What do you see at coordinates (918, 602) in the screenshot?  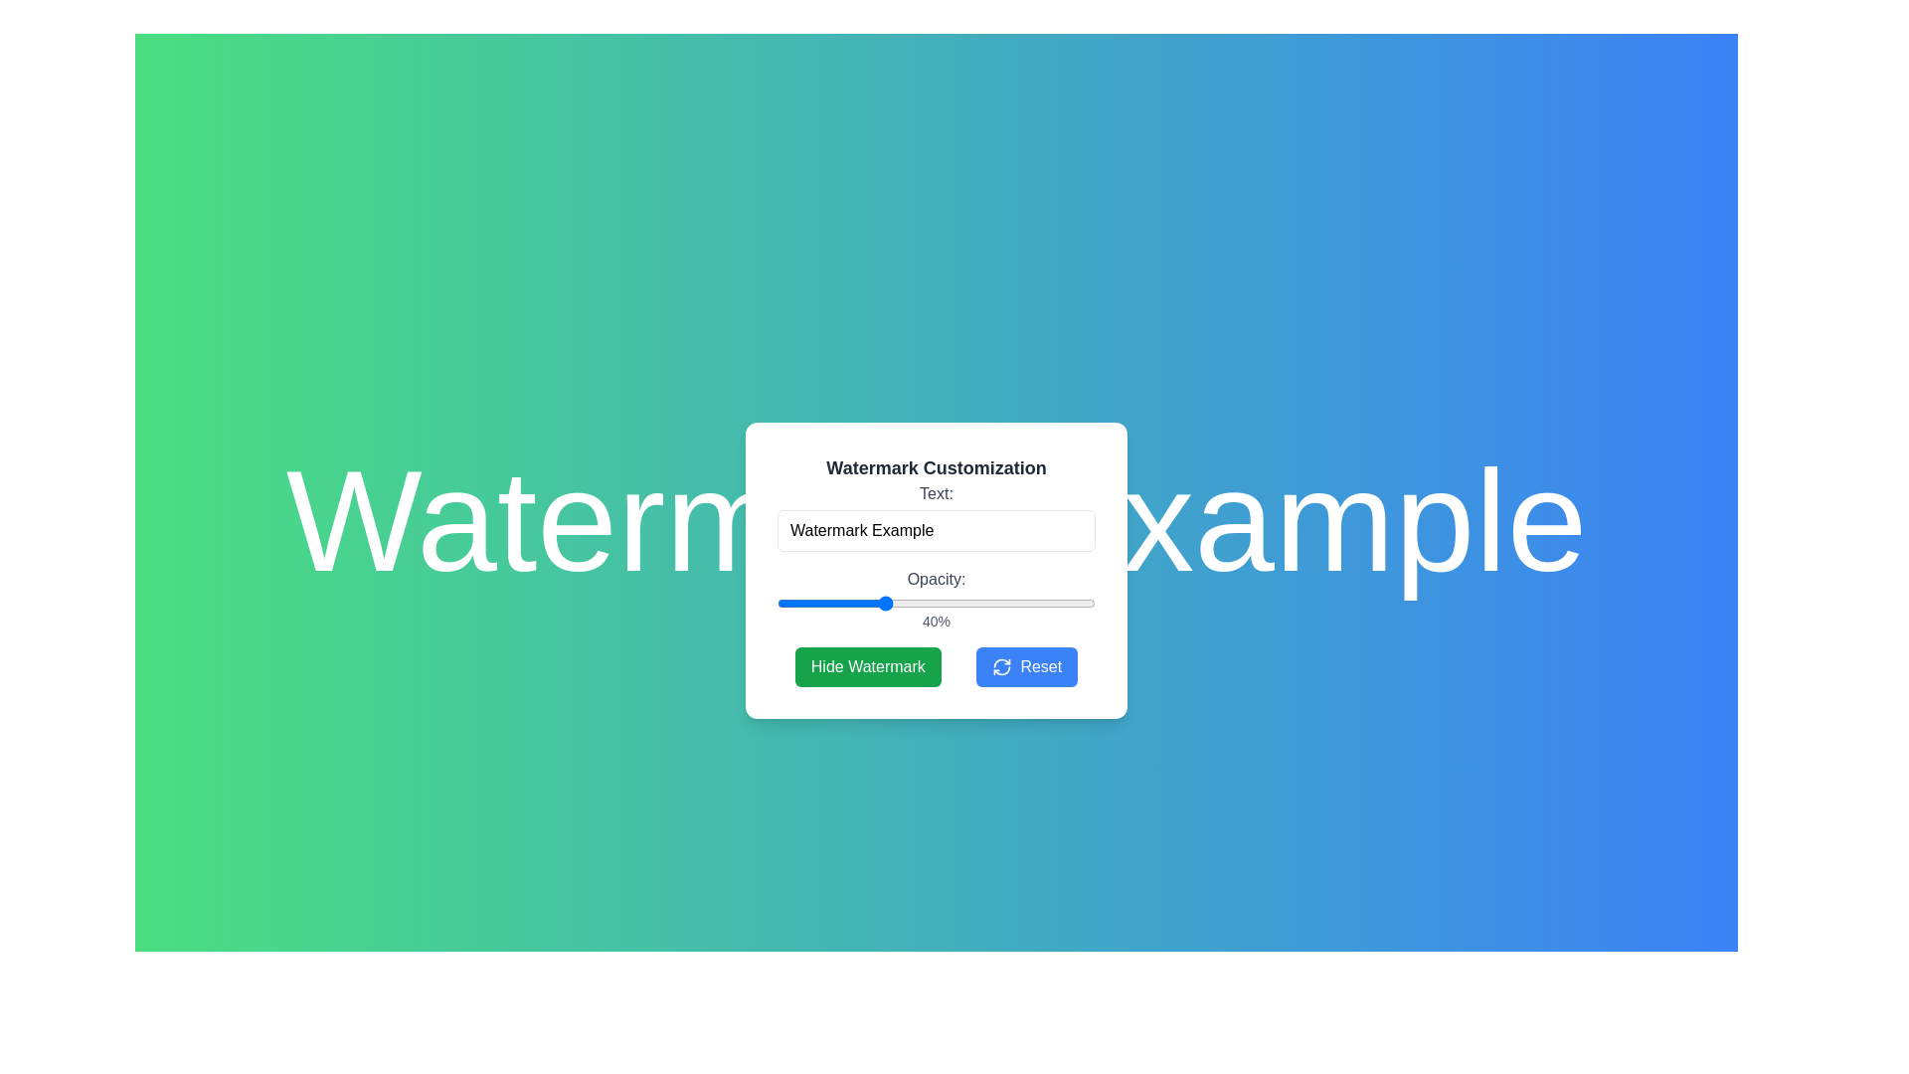 I see `opacity` at bounding box center [918, 602].